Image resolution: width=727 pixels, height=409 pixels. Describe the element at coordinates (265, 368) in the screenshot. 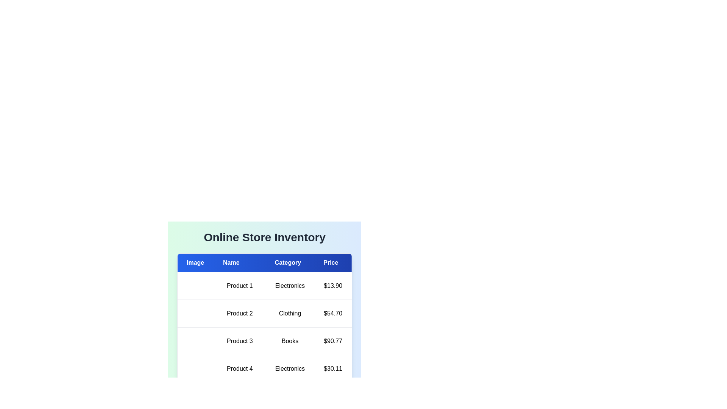

I see `the row of the product with name Product 4` at that location.